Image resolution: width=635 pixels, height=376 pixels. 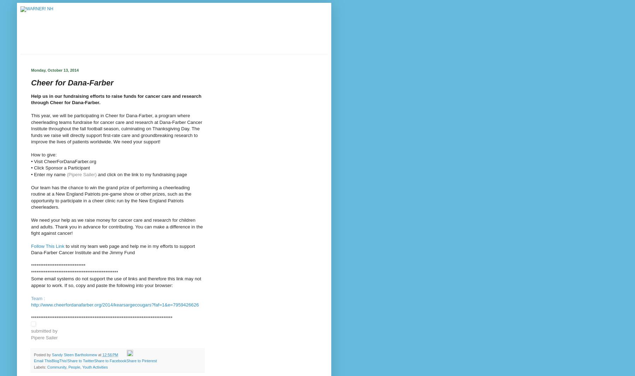 What do you see at coordinates (109, 360) in the screenshot?
I see `'Share to Facebook'` at bounding box center [109, 360].